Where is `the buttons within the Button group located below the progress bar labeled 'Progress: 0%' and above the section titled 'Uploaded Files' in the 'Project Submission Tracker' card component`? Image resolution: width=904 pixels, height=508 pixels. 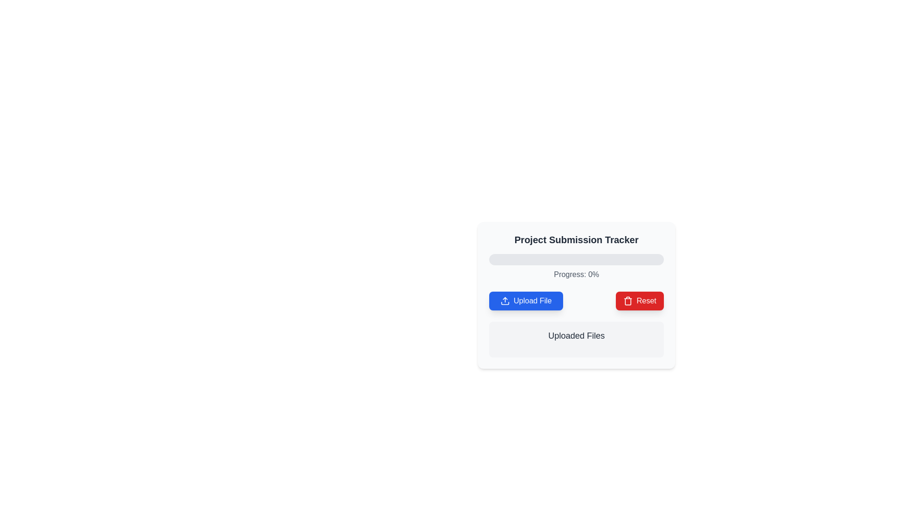
the buttons within the Button group located below the progress bar labeled 'Progress: 0%' and above the section titled 'Uploaded Files' in the 'Project Submission Tracker' card component is located at coordinates (576, 301).